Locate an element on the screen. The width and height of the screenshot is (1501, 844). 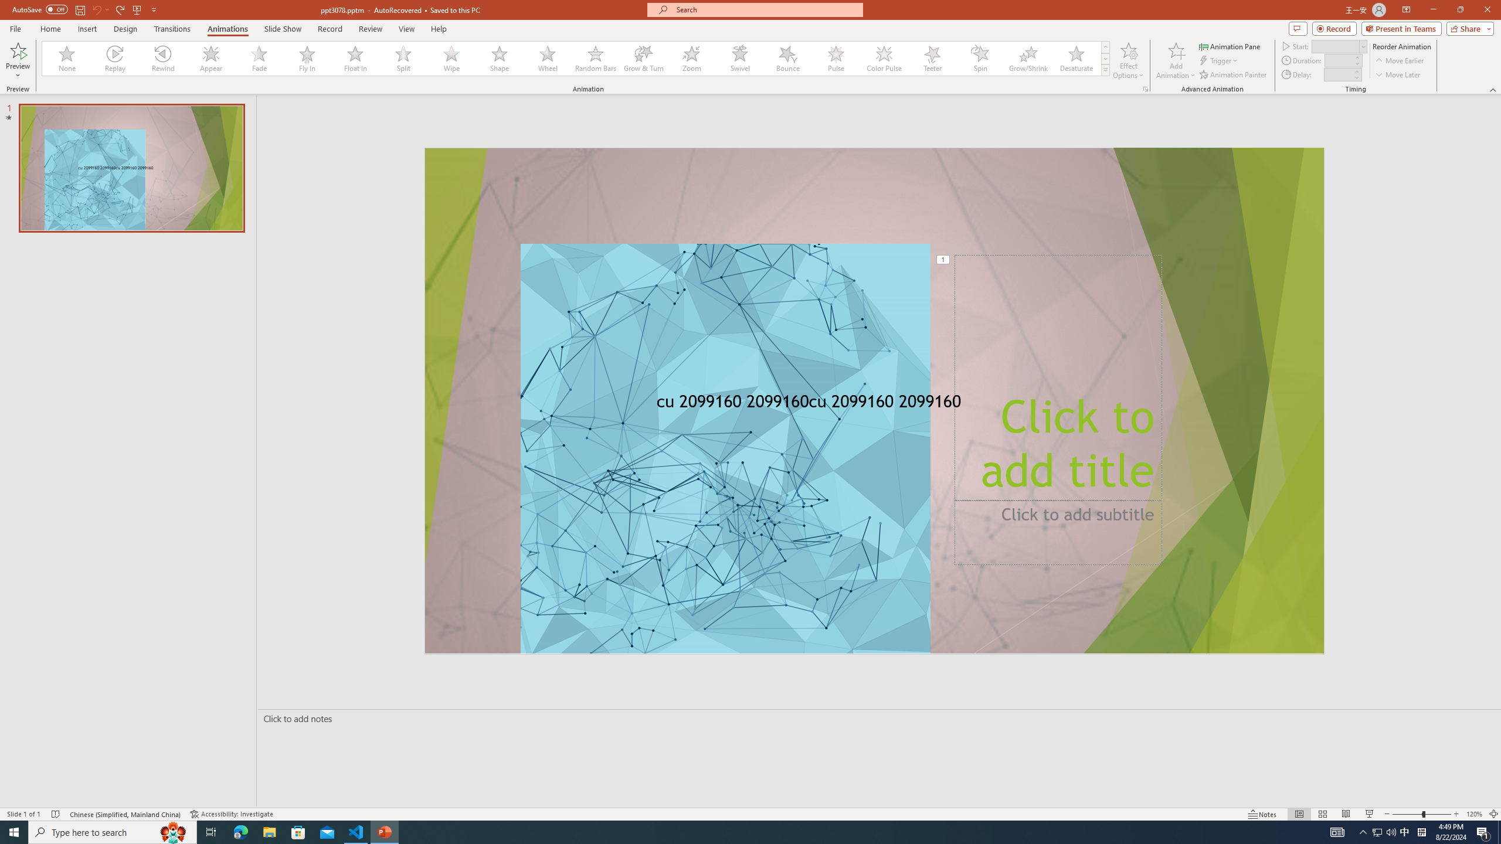
'Rewind' is located at coordinates (163, 58).